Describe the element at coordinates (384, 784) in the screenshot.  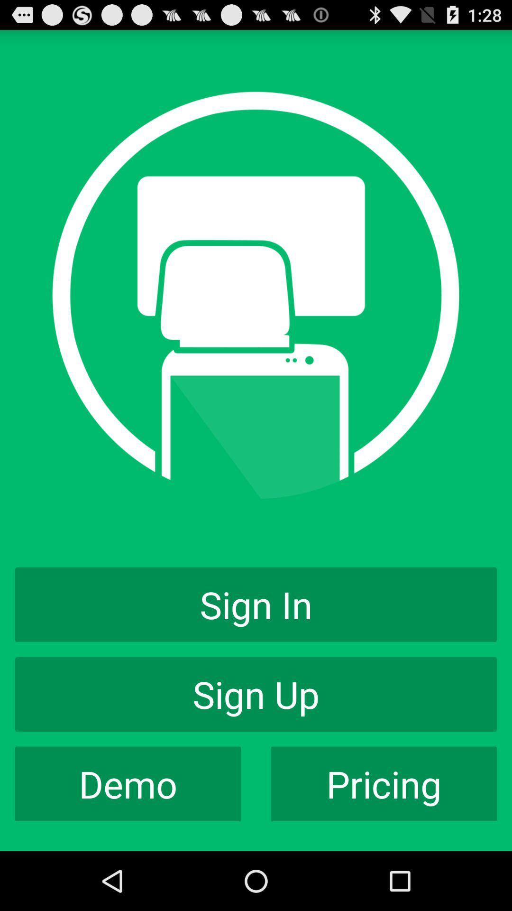
I see `pricing app` at that location.